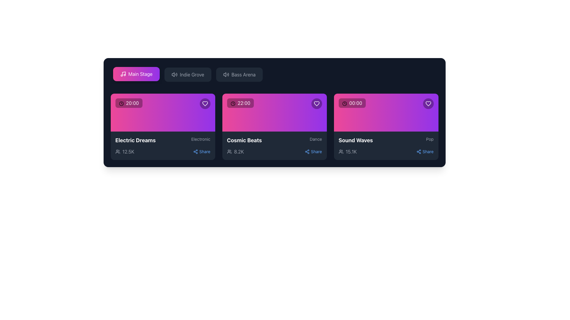  Describe the element at coordinates (205, 151) in the screenshot. I see `the 'Share' text label located at the bottom right corner of the first card` at that location.